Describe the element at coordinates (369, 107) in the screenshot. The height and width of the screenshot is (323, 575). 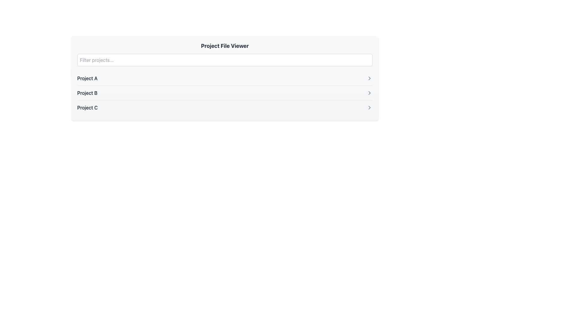
I see `the Chevron Icon located at the extreme right of the 'Project C' entry` at that location.